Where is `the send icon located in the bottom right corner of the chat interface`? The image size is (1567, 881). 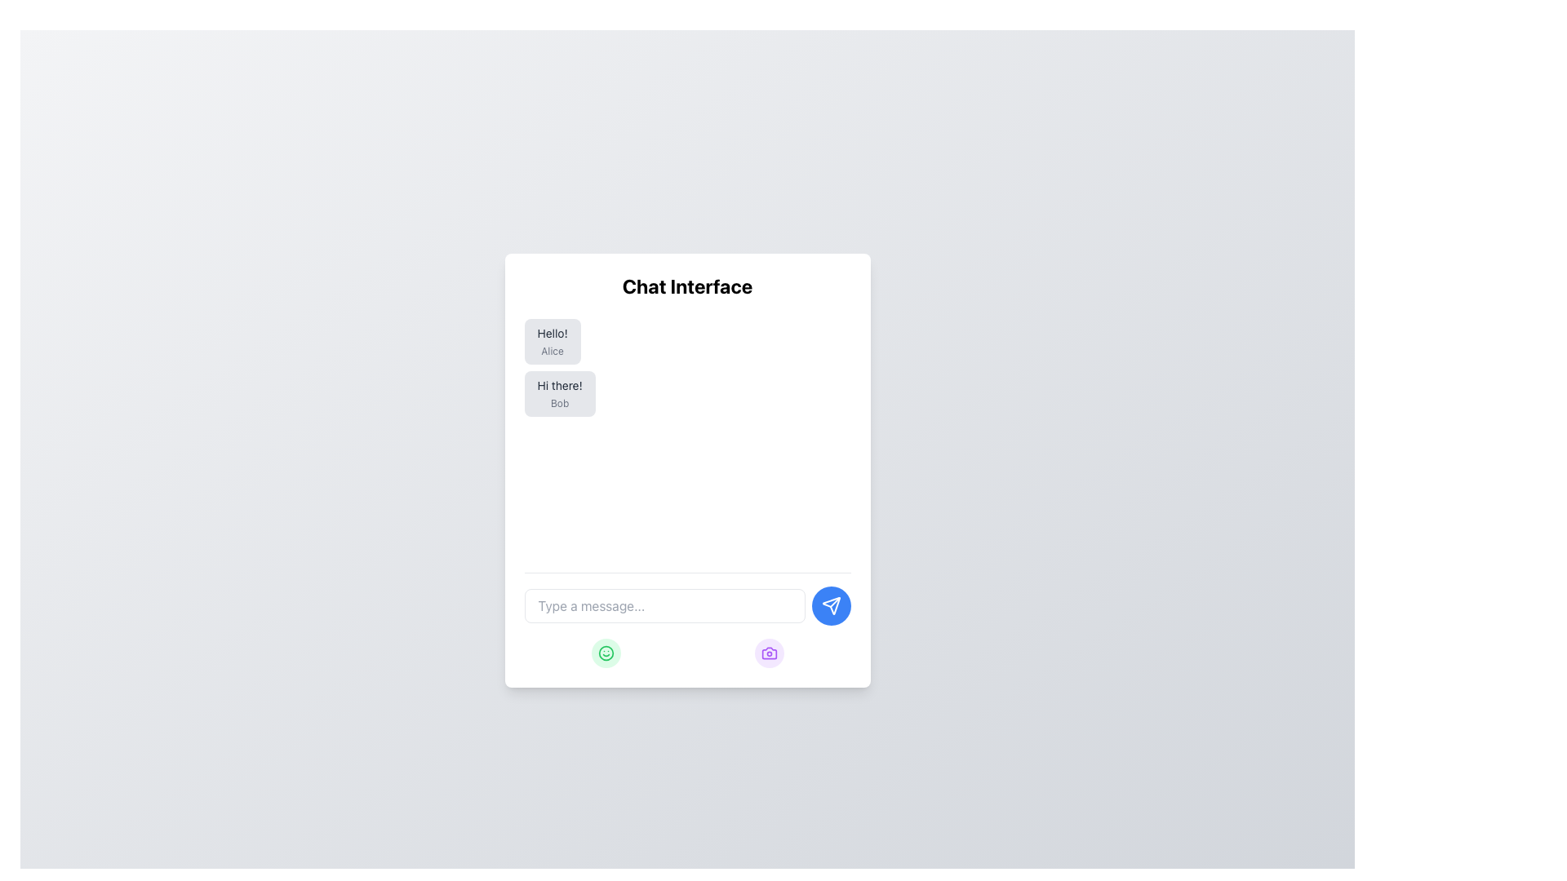
the send icon located in the bottom right corner of the chat interface is located at coordinates (831, 606).